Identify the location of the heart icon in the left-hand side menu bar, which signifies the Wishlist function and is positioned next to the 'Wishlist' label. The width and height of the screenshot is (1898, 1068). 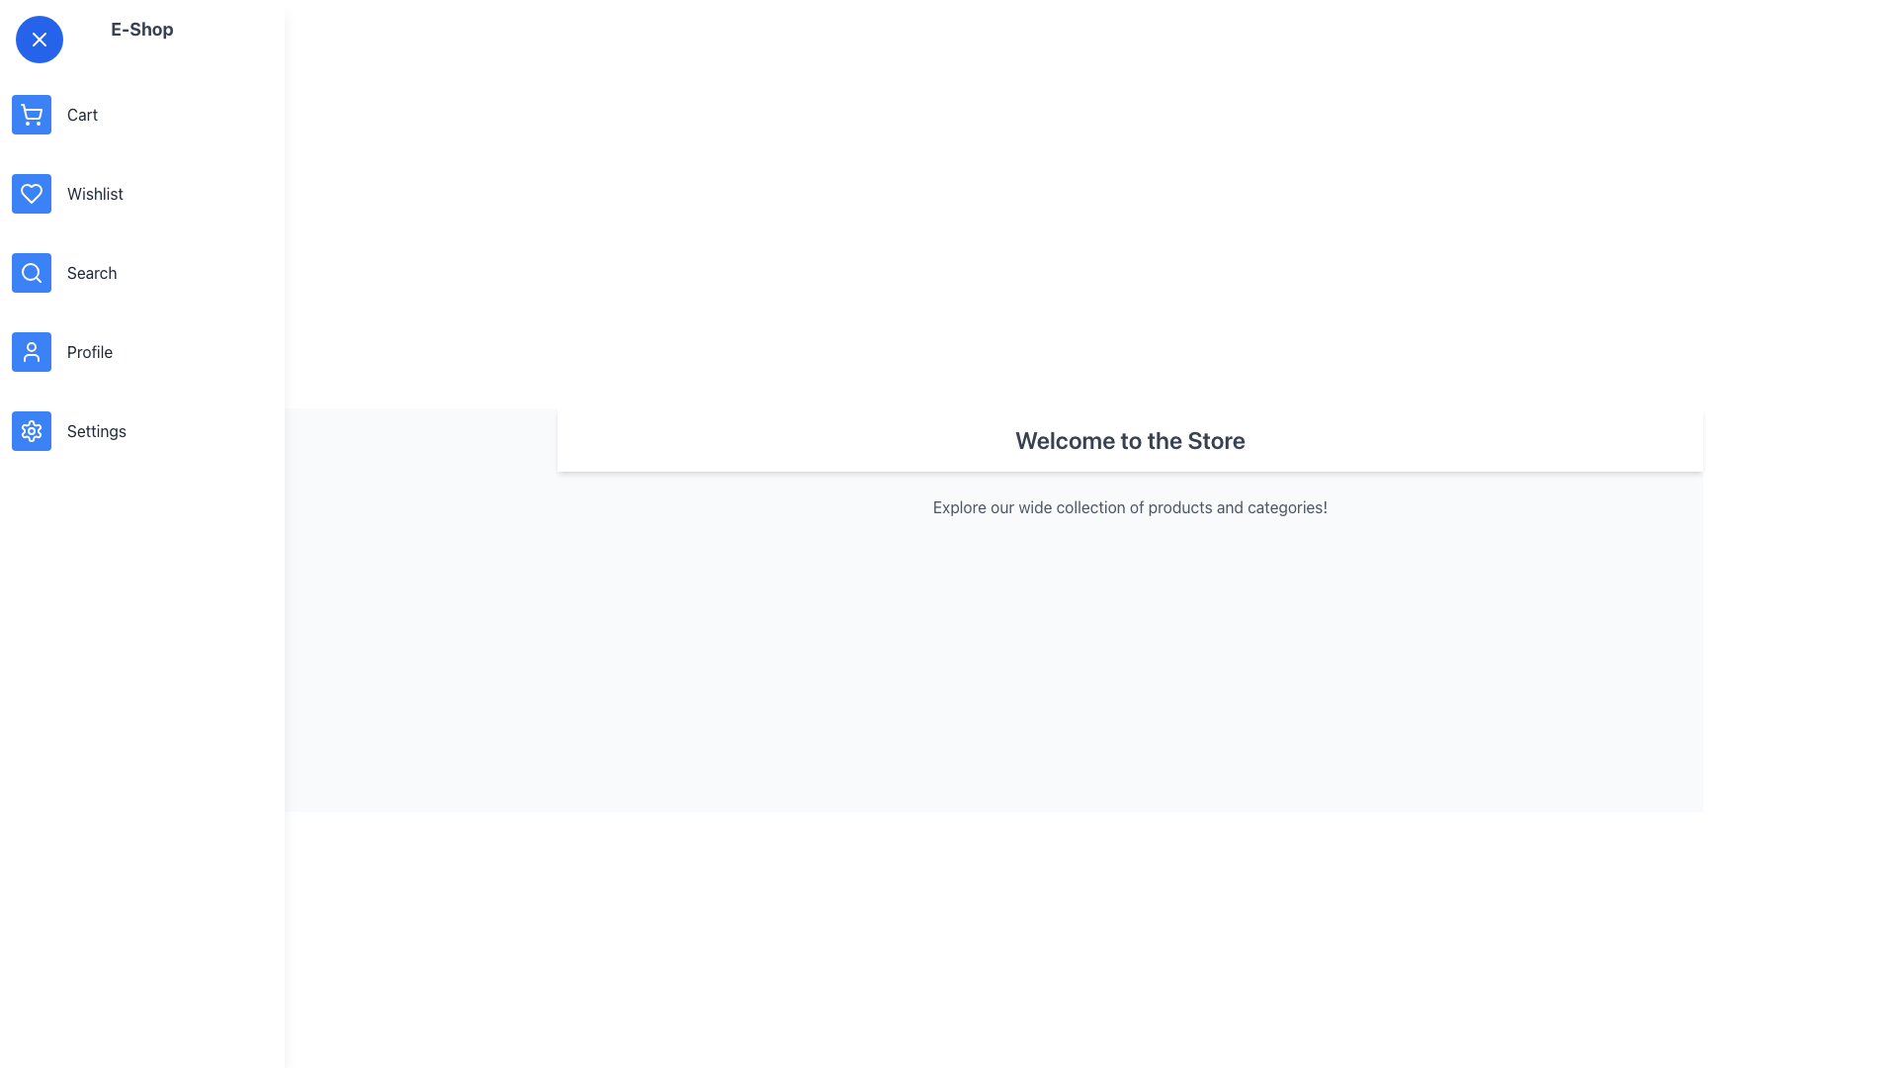
(32, 194).